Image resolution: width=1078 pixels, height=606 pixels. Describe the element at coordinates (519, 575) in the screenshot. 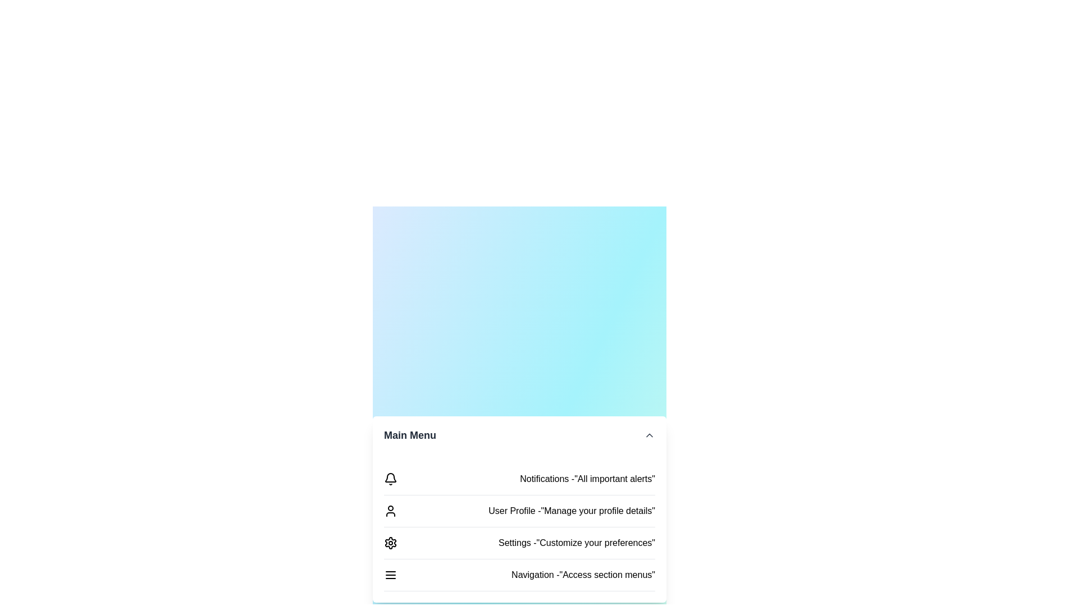

I see `the menu item Navigation to interact with it` at that location.